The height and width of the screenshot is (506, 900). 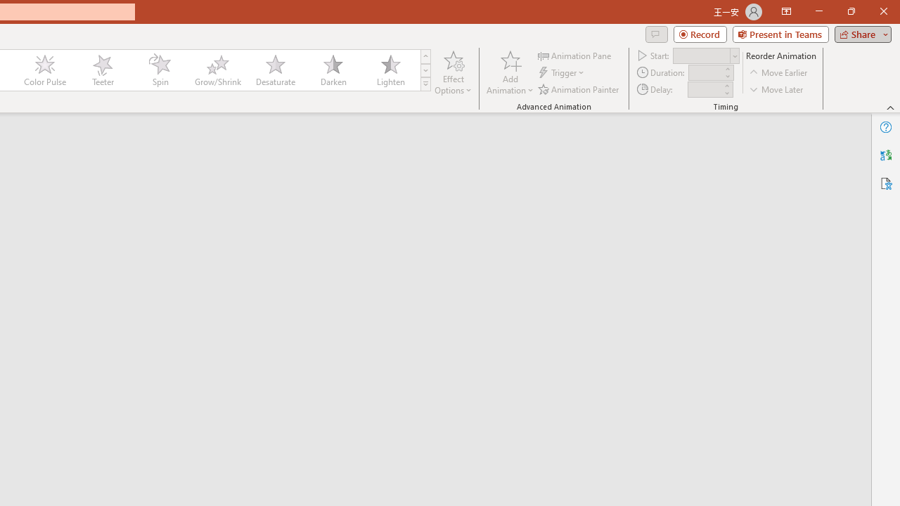 I want to click on 'Effect Options', so click(x=454, y=72).